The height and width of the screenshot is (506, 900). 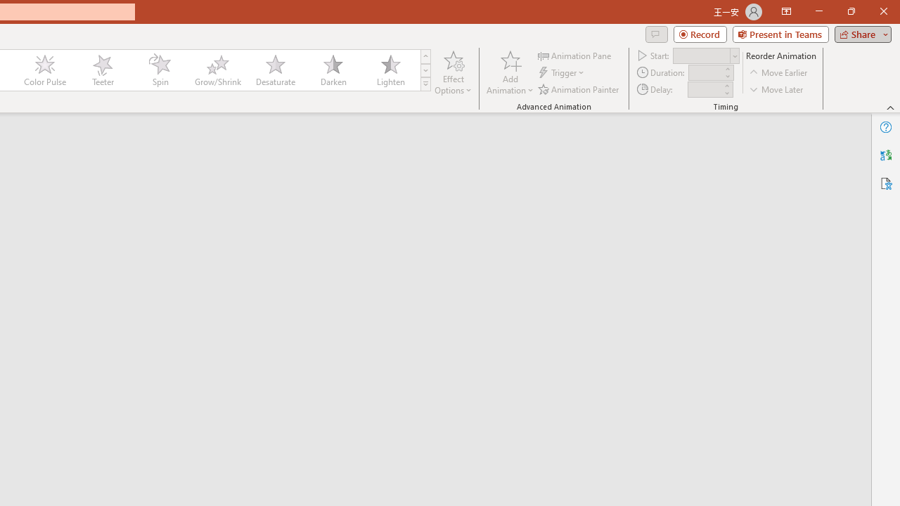 I want to click on 'Effect Options', so click(x=454, y=72).